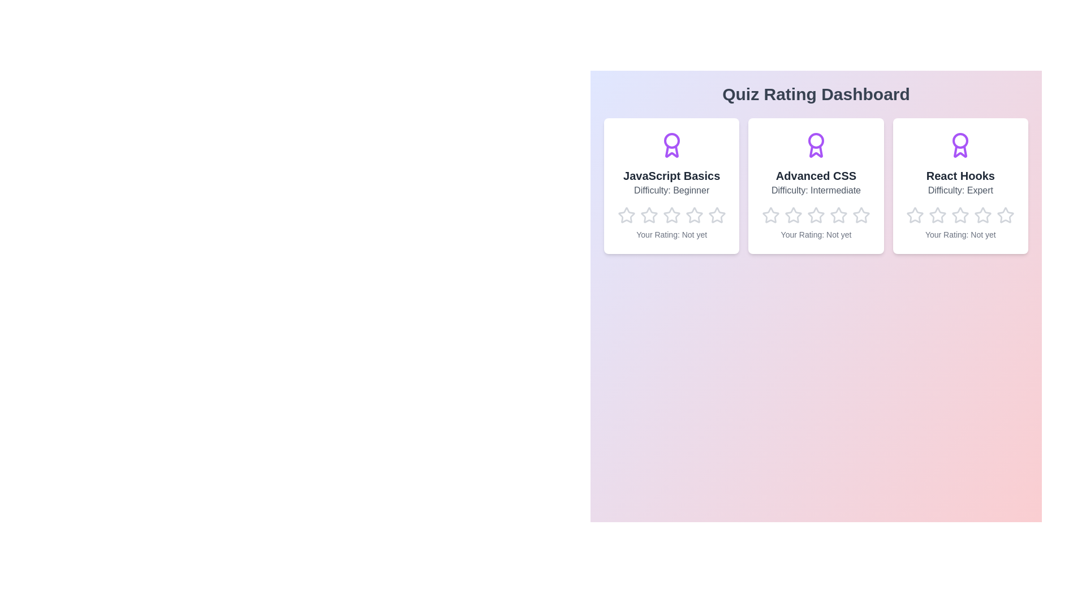 This screenshot has width=1086, height=611. What do you see at coordinates (830, 206) in the screenshot?
I see `the star corresponding to the rating 4 for the quiz Advanced CSS` at bounding box center [830, 206].